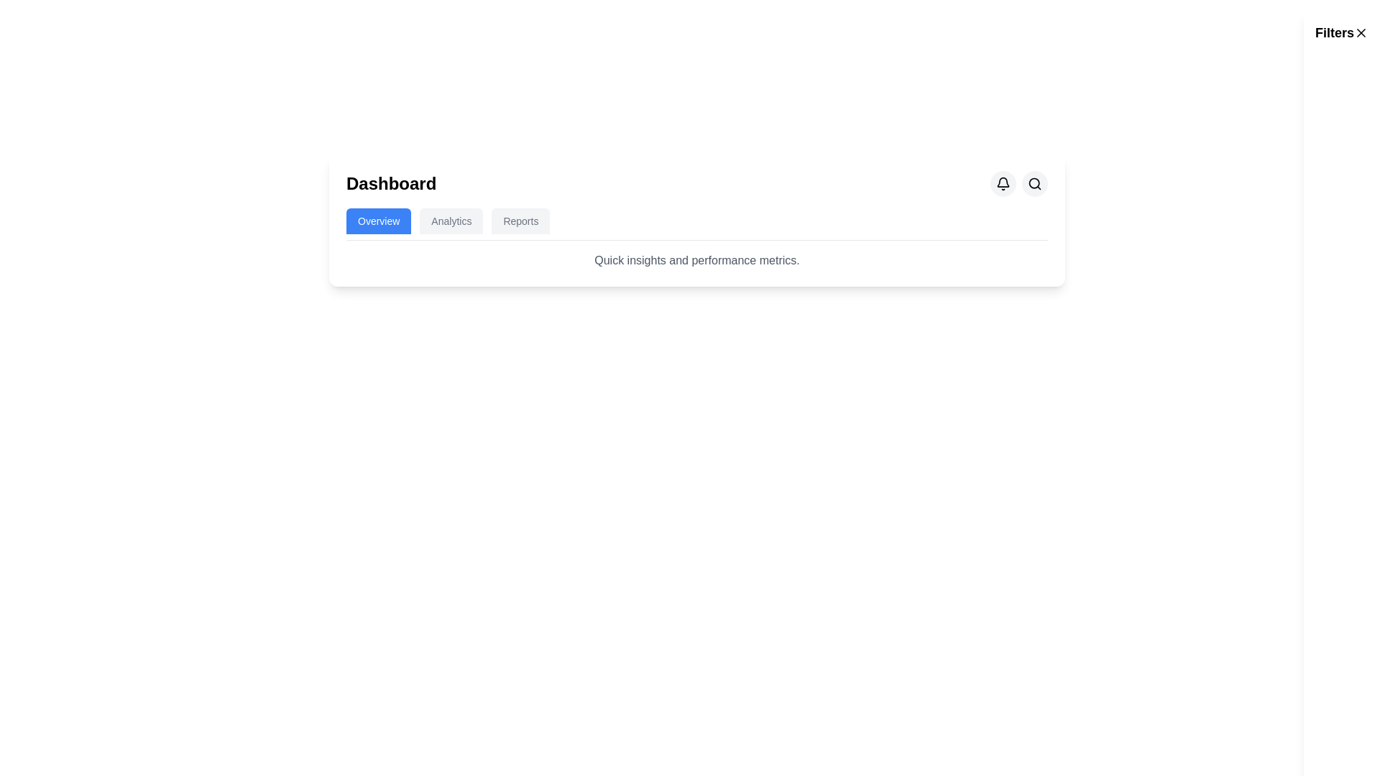 The image size is (1380, 776). I want to click on the 'Analytics' tab in the navigation section, so click(451, 221).